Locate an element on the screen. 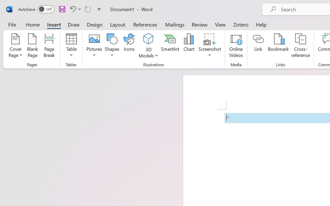  '3D Models' is located at coordinates (148, 39).